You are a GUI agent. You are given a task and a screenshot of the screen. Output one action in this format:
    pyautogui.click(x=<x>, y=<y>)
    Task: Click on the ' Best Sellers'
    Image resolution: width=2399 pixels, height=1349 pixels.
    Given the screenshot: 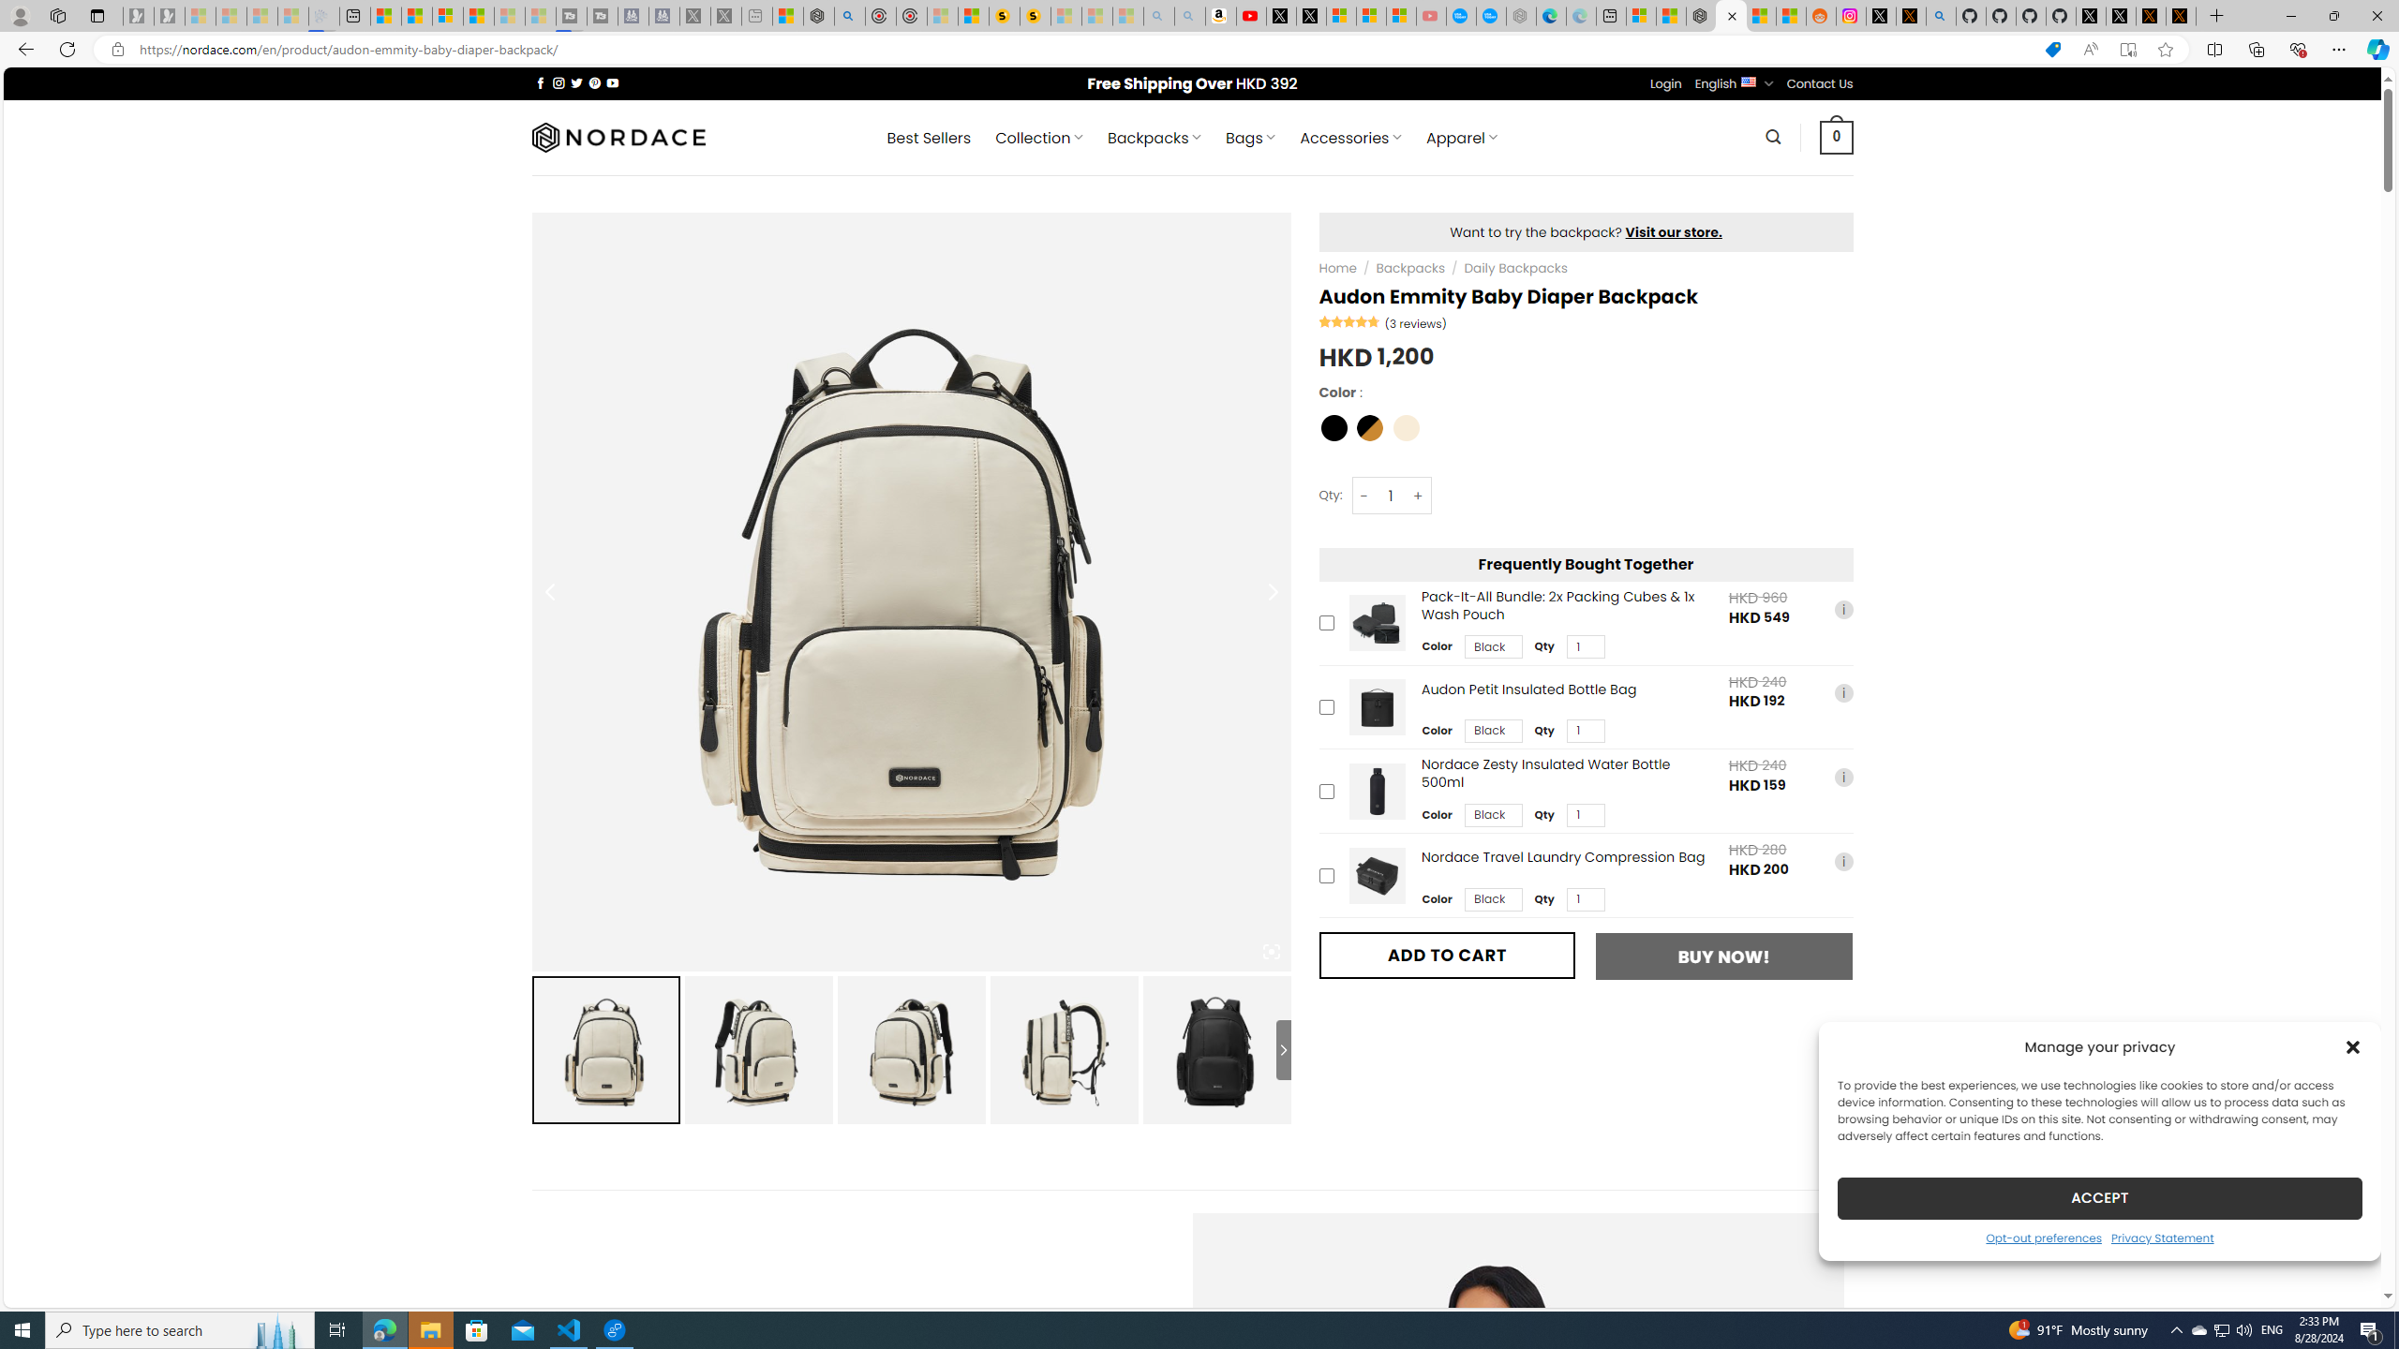 What is the action you would take?
    pyautogui.click(x=929, y=137)
    